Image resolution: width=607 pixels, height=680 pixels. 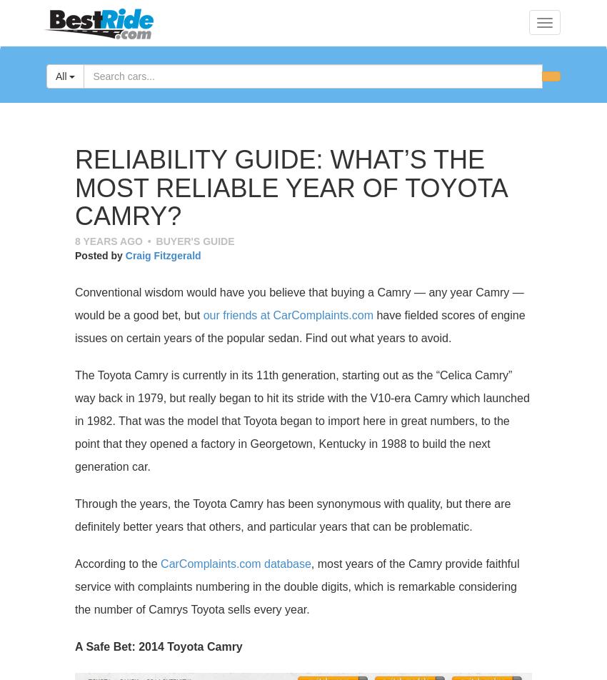 What do you see at coordinates (194, 241) in the screenshot?
I see `'Buyer's Guide'` at bounding box center [194, 241].